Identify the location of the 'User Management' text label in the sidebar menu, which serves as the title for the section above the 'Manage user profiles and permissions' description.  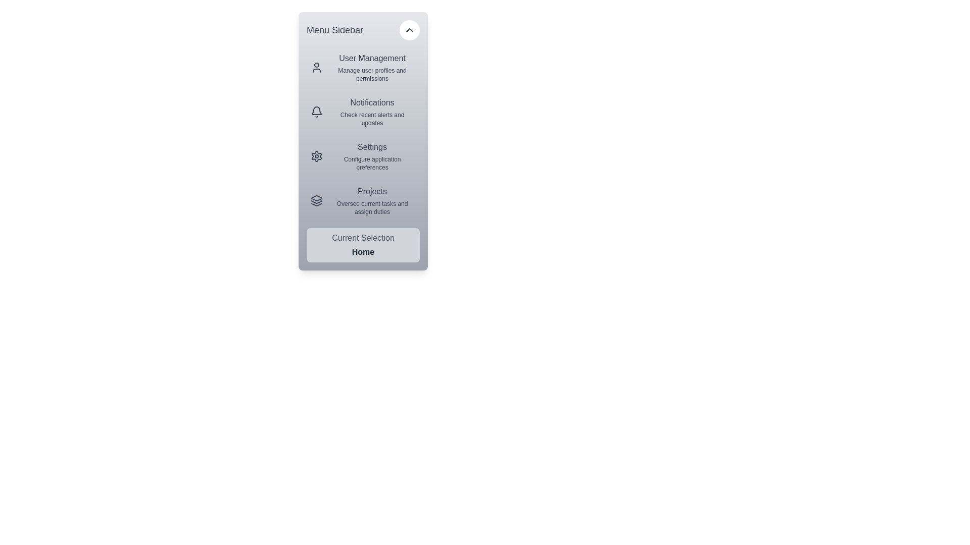
(372, 58).